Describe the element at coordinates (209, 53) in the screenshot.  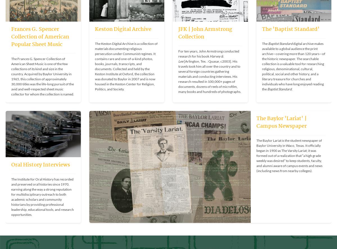
I see `'For ten years, John Armstrong conducted research for his book'` at that location.